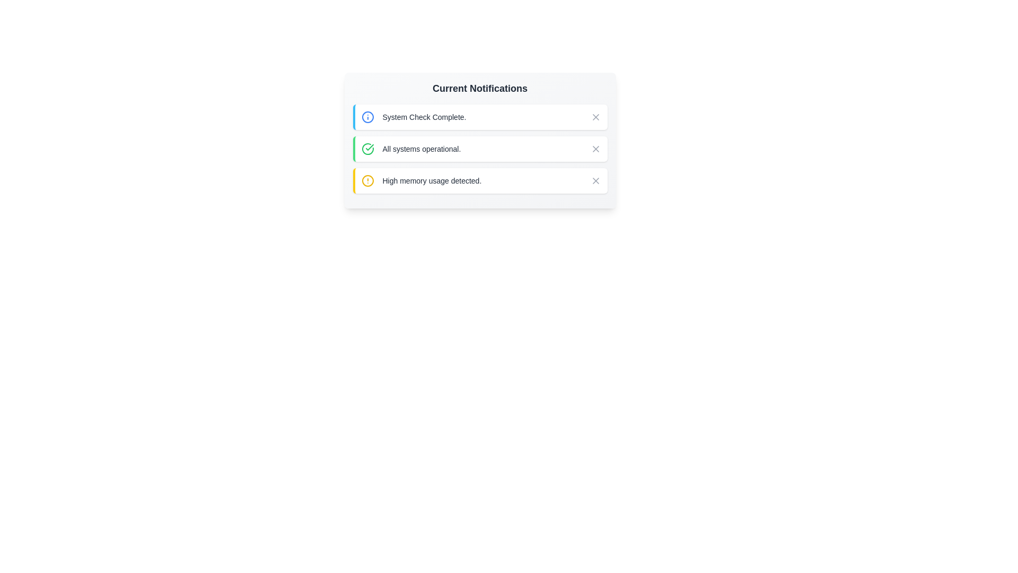 This screenshot has height=573, width=1018. I want to click on the close button of the notification with the message 'High memory usage detected.', so click(595, 180).